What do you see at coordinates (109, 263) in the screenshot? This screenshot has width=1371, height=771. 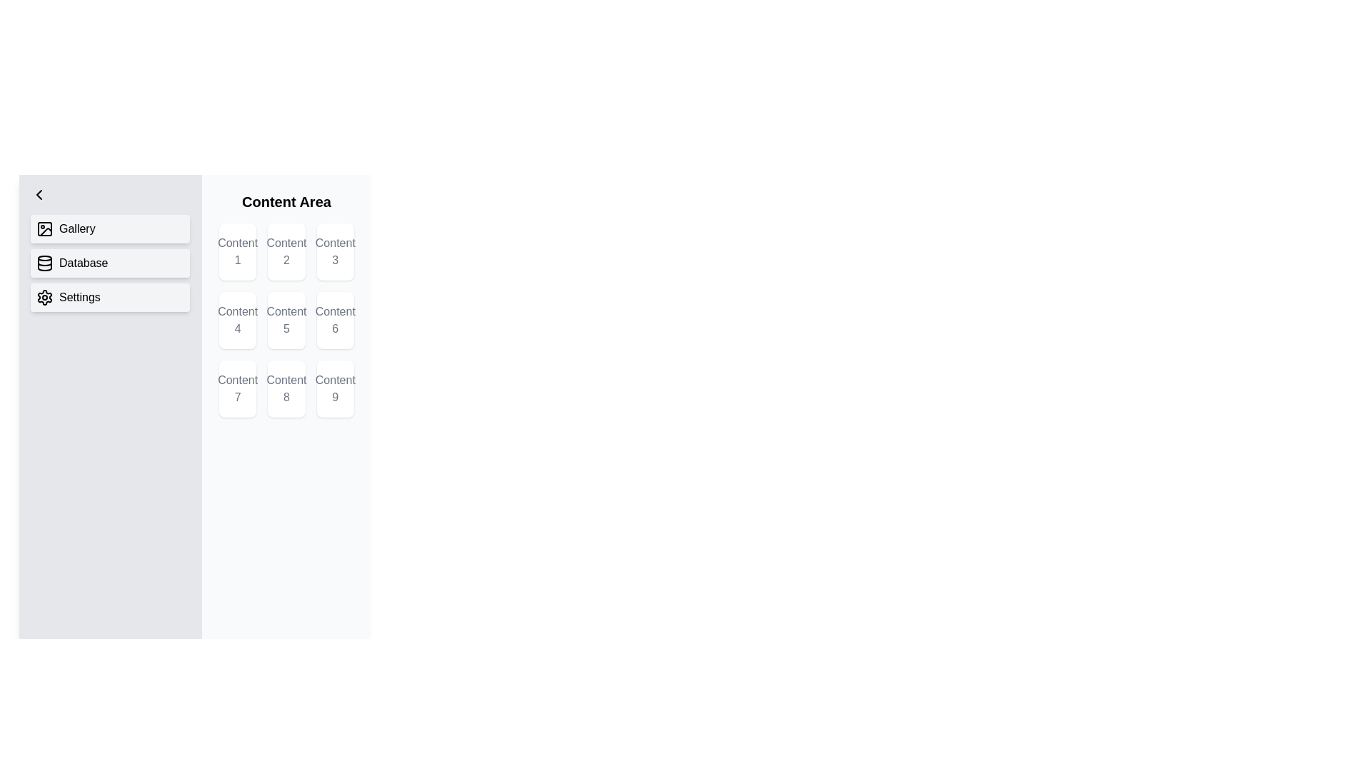 I see `the 'Database' menu item in the sidebar` at bounding box center [109, 263].